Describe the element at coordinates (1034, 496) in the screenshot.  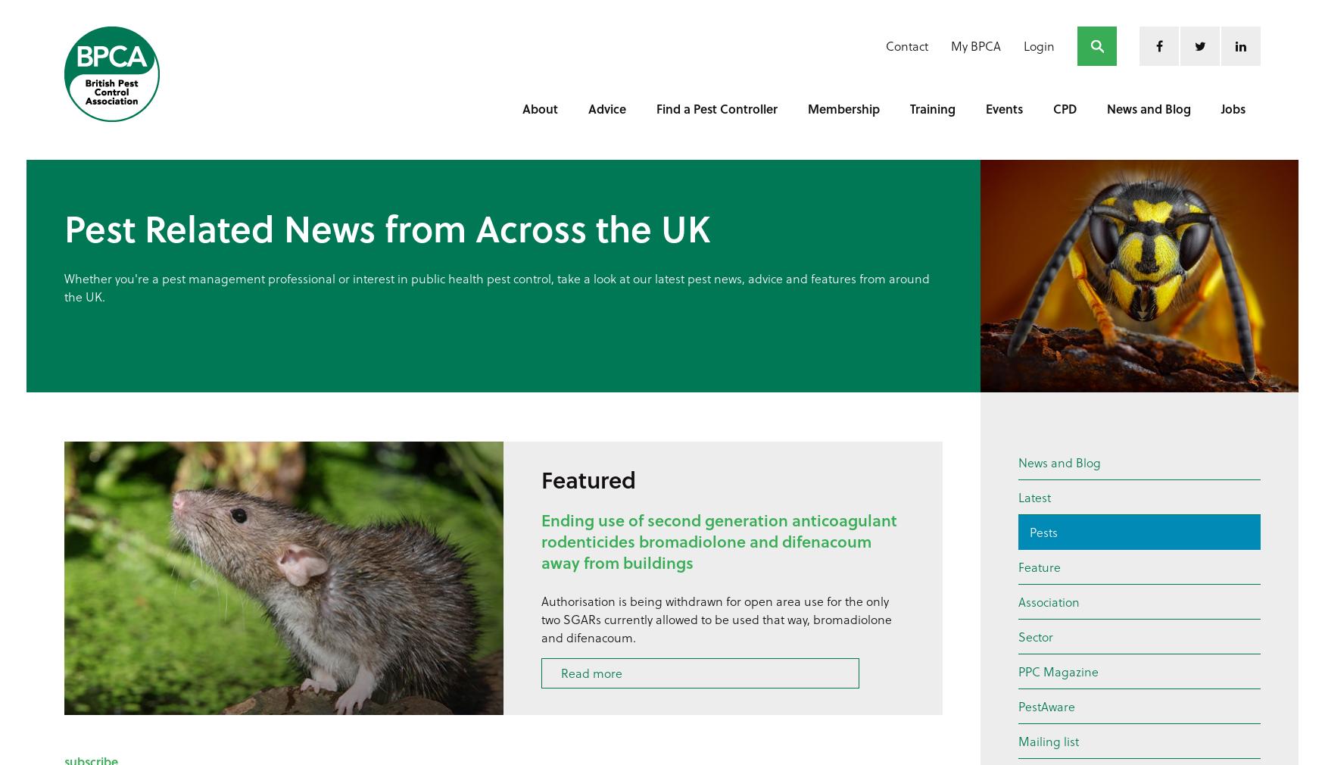
I see `'Latest'` at that location.